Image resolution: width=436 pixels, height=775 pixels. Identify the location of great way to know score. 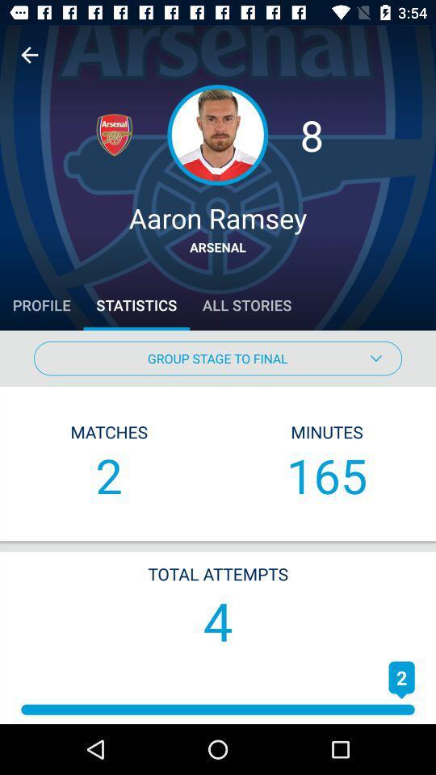
(29, 55).